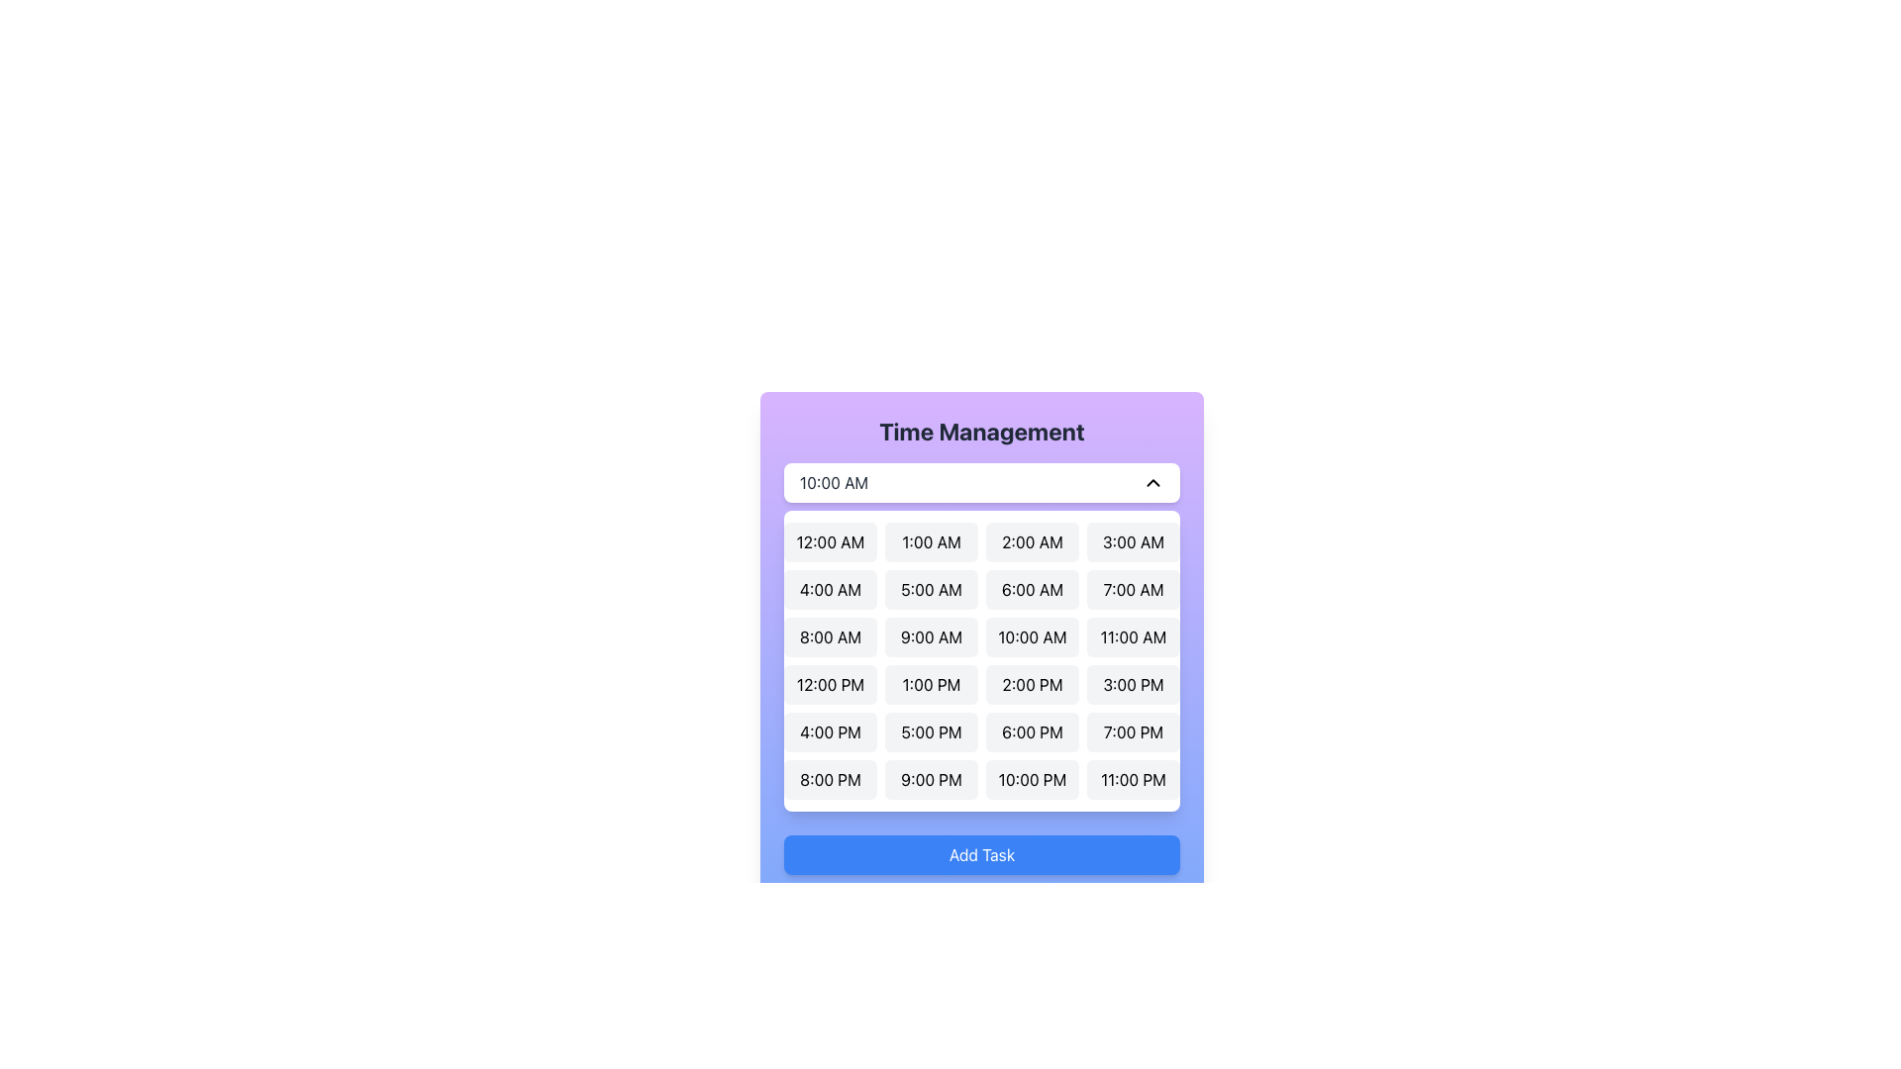 The image size is (1901, 1069). What do you see at coordinates (1031, 778) in the screenshot?
I see `the selectable time option button labeled '10:00 PM' located in the fourth row and third column of the time-selection interface` at bounding box center [1031, 778].